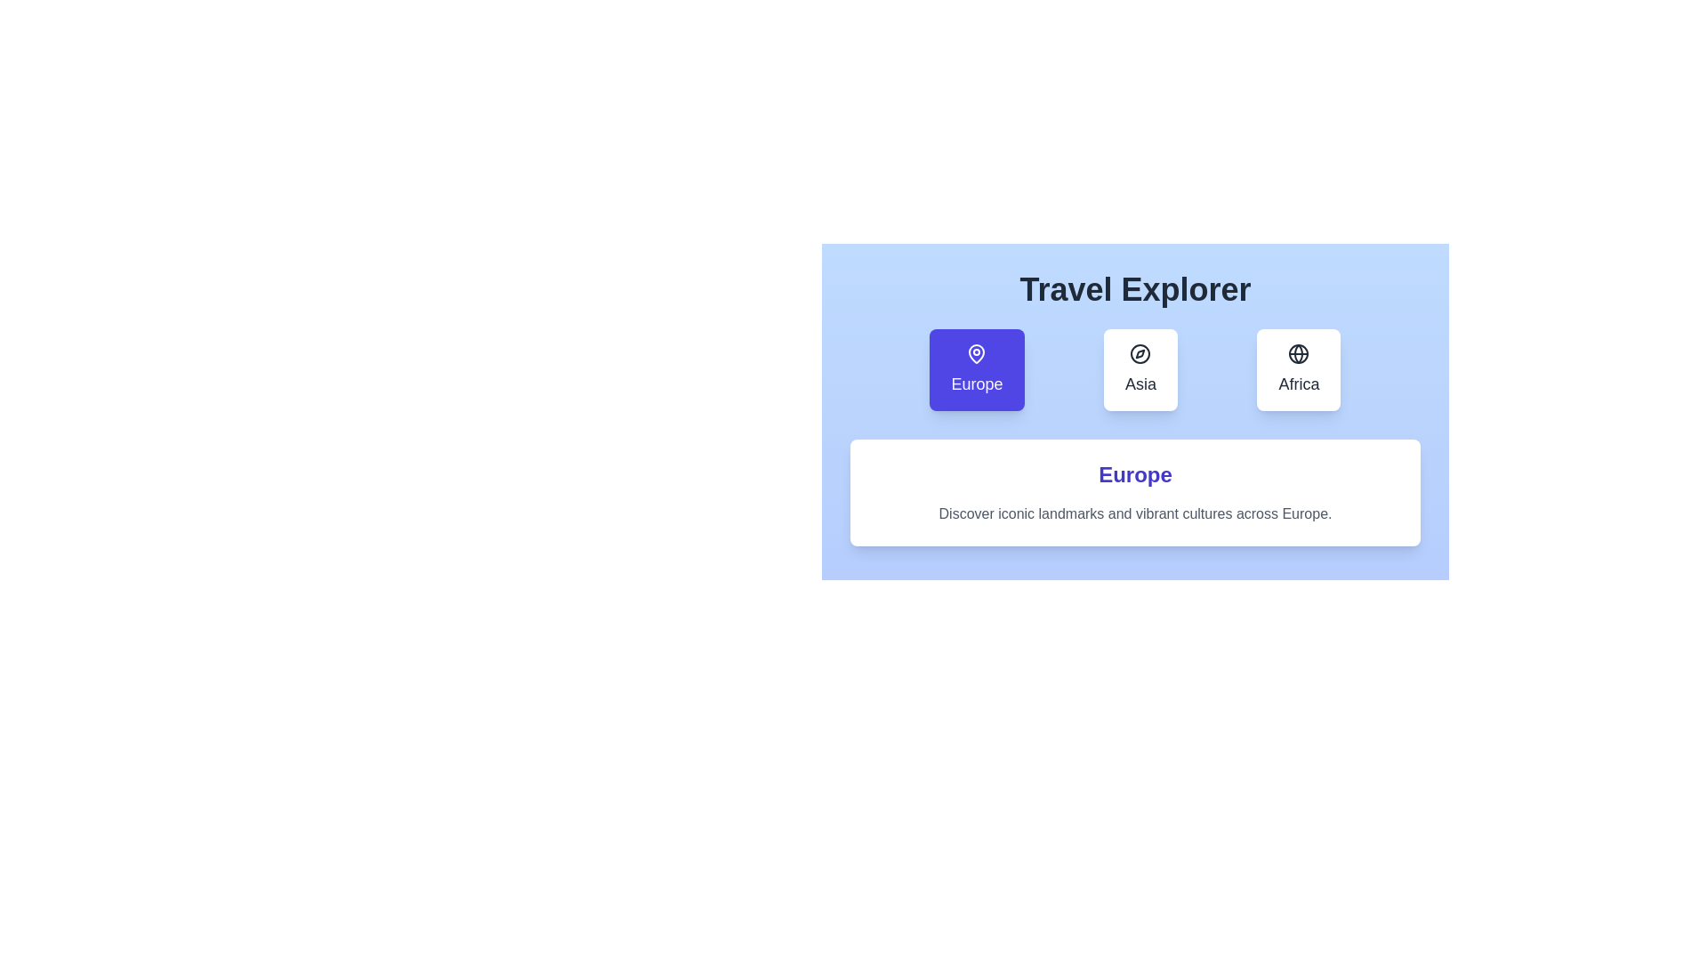 This screenshot has width=1708, height=961. What do you see at coordinates (1134, 514) in the screenshot?
I see `the informational text element located below the heading 'Europe', which is enclosed in a white box with rounded corners and a shadow effect` at bounding box center [1134, 514].